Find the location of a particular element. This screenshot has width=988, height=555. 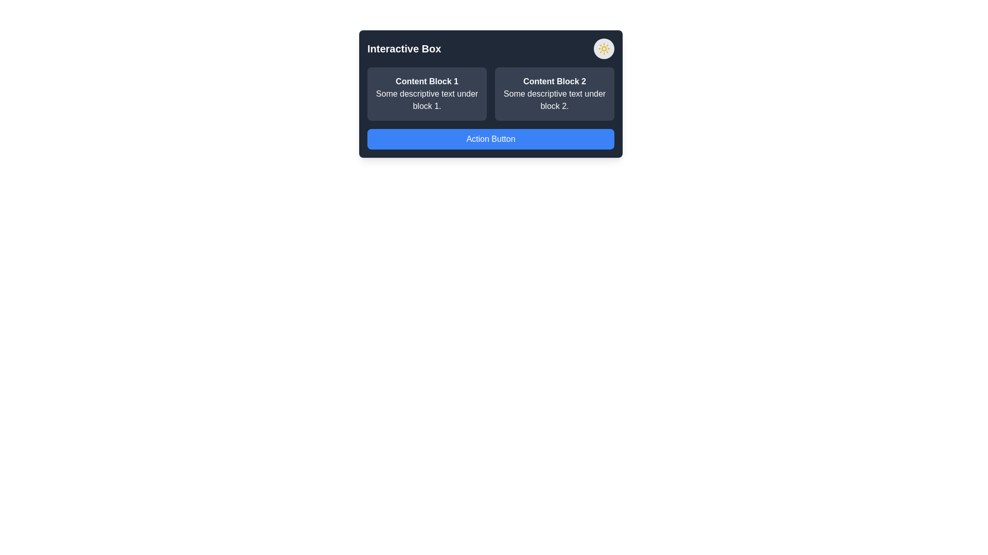

the button located below 'Content Block 1' and 'Content Block 2' within the 'Interactive Box' to change its background color is located at coordinates (490, 139).